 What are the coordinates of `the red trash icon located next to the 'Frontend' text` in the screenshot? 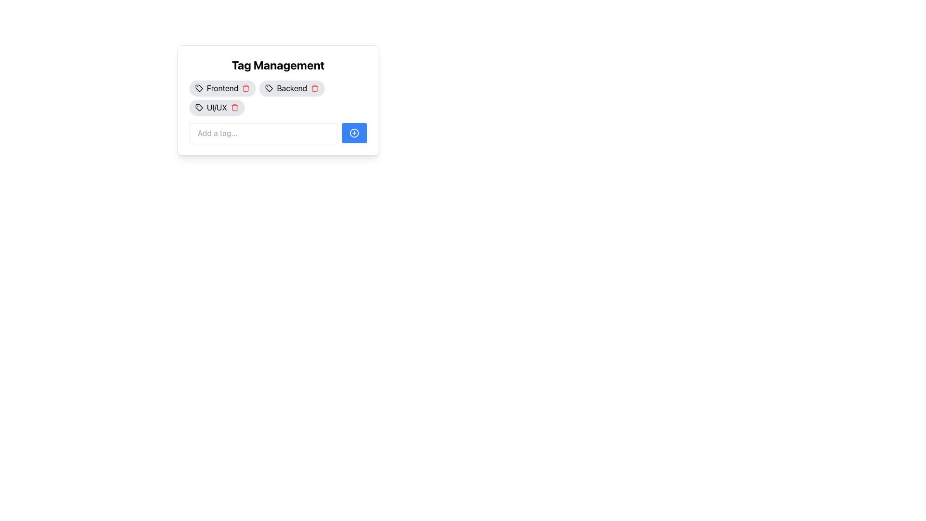 It's located at (246, 88).